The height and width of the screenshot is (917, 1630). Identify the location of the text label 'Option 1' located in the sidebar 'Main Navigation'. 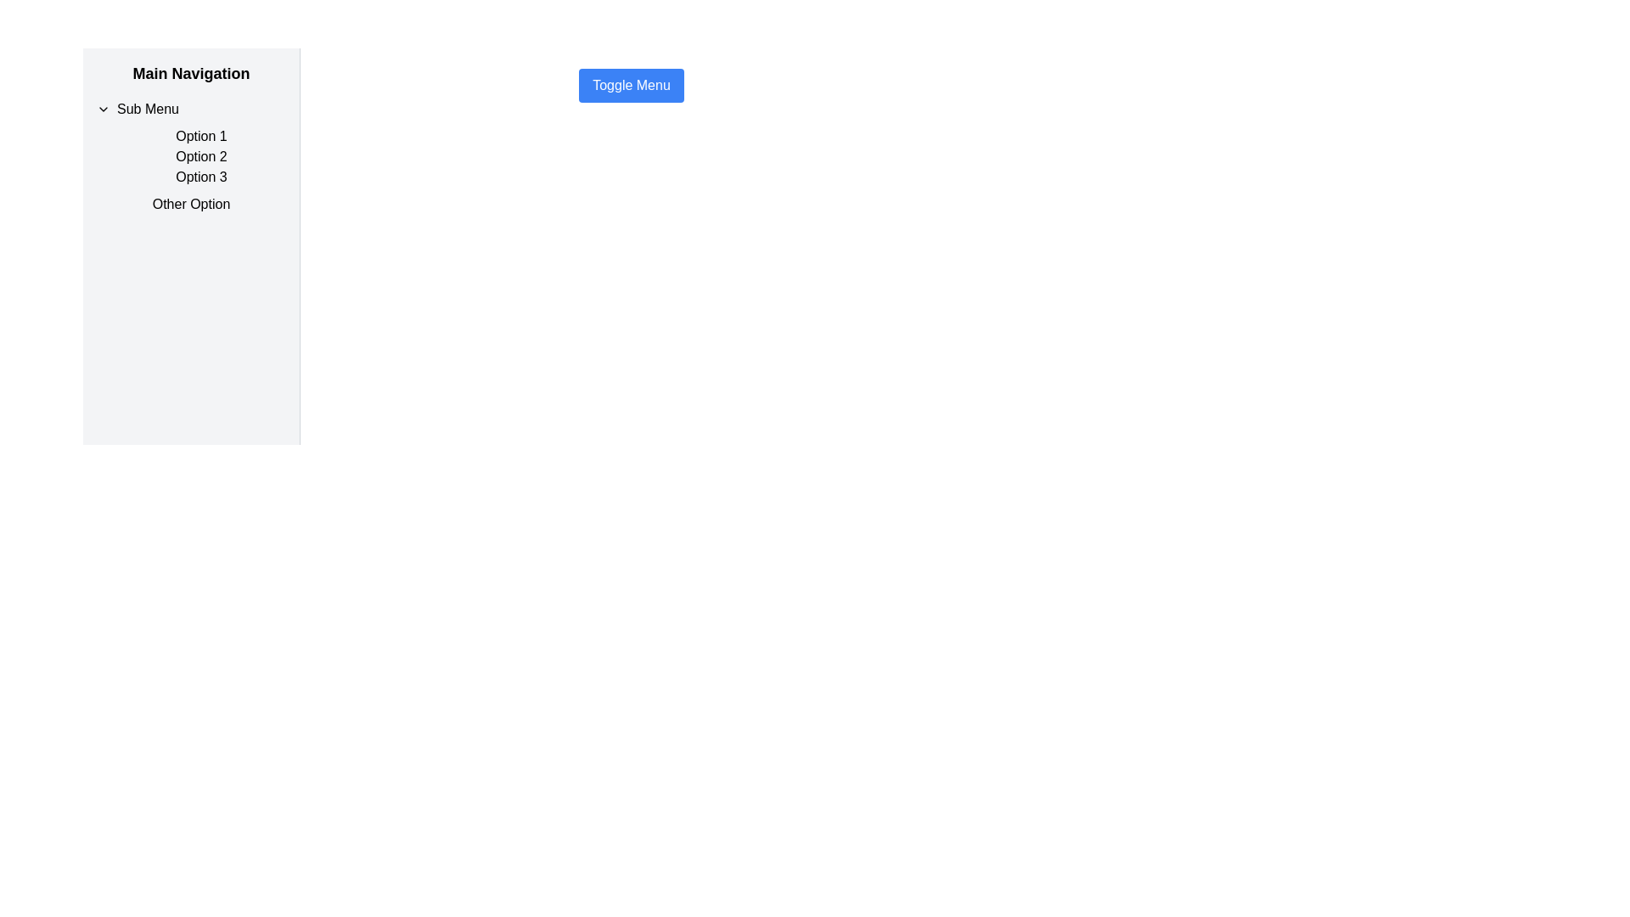
(201, 136).